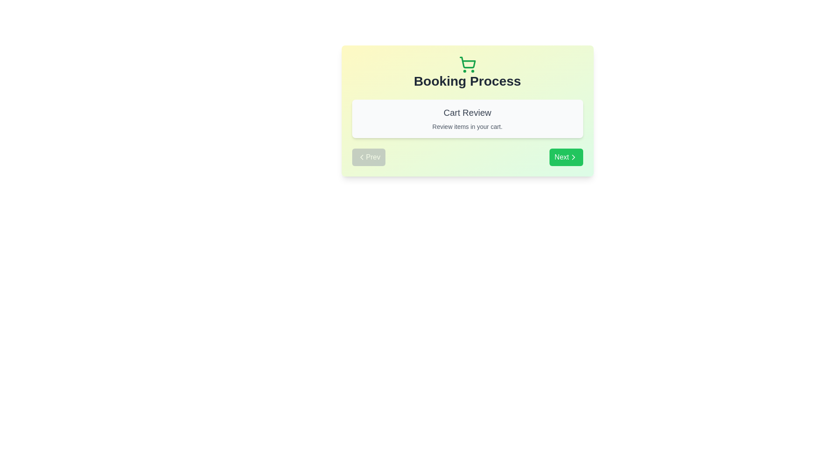  Describe the element at coordinates (368, 156) in the screenshot. I see `the 'Prev' button, which is a rectangular button with a gray background and white text, featuring rounded corners and a left-facing arrow icon` at that location.